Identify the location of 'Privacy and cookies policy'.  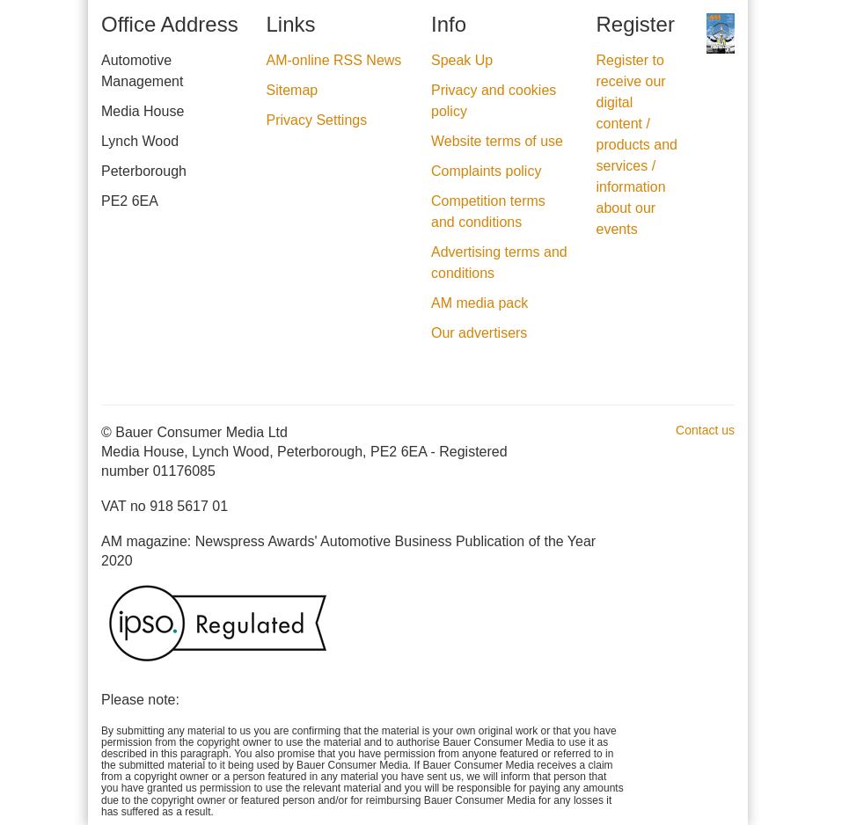
(493, 99).